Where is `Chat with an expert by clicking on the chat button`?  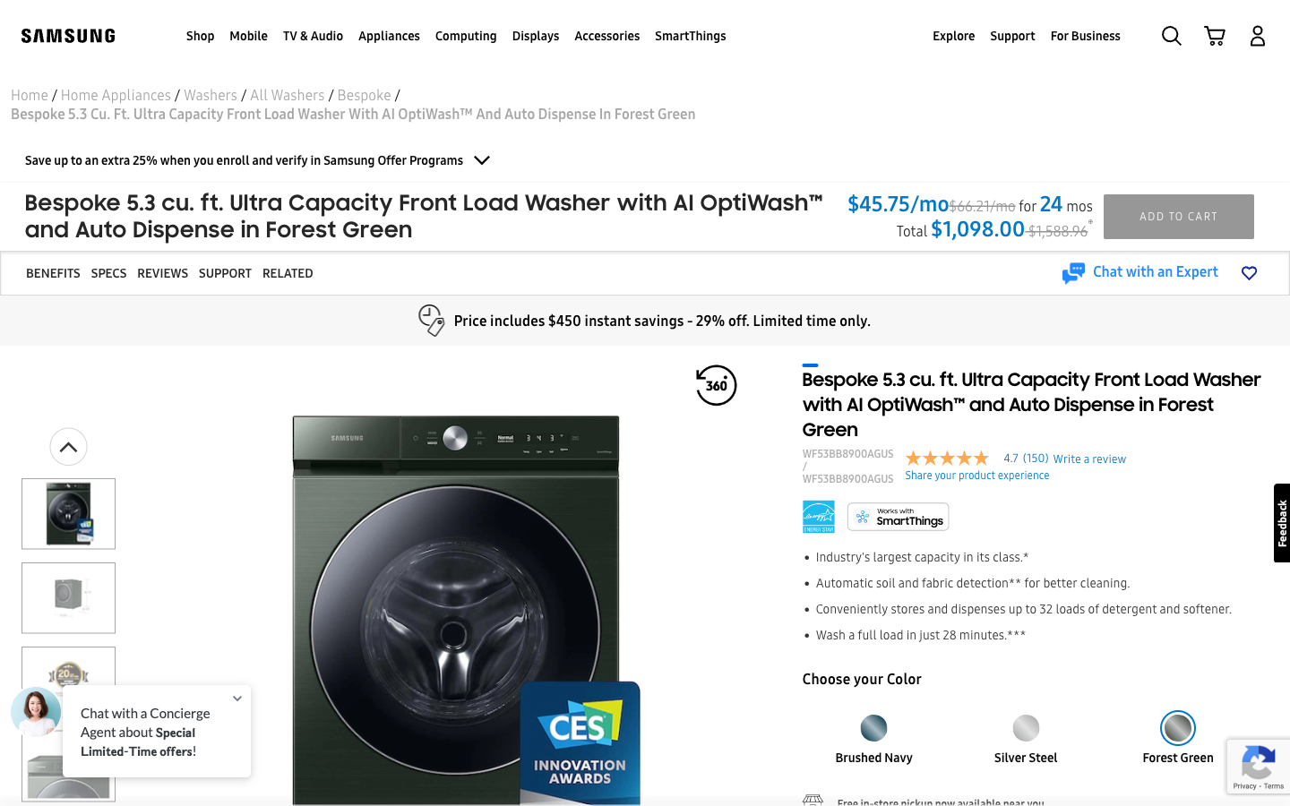 Chat with an expert by clicking on the chat button is located at coordinates (1139, 272).